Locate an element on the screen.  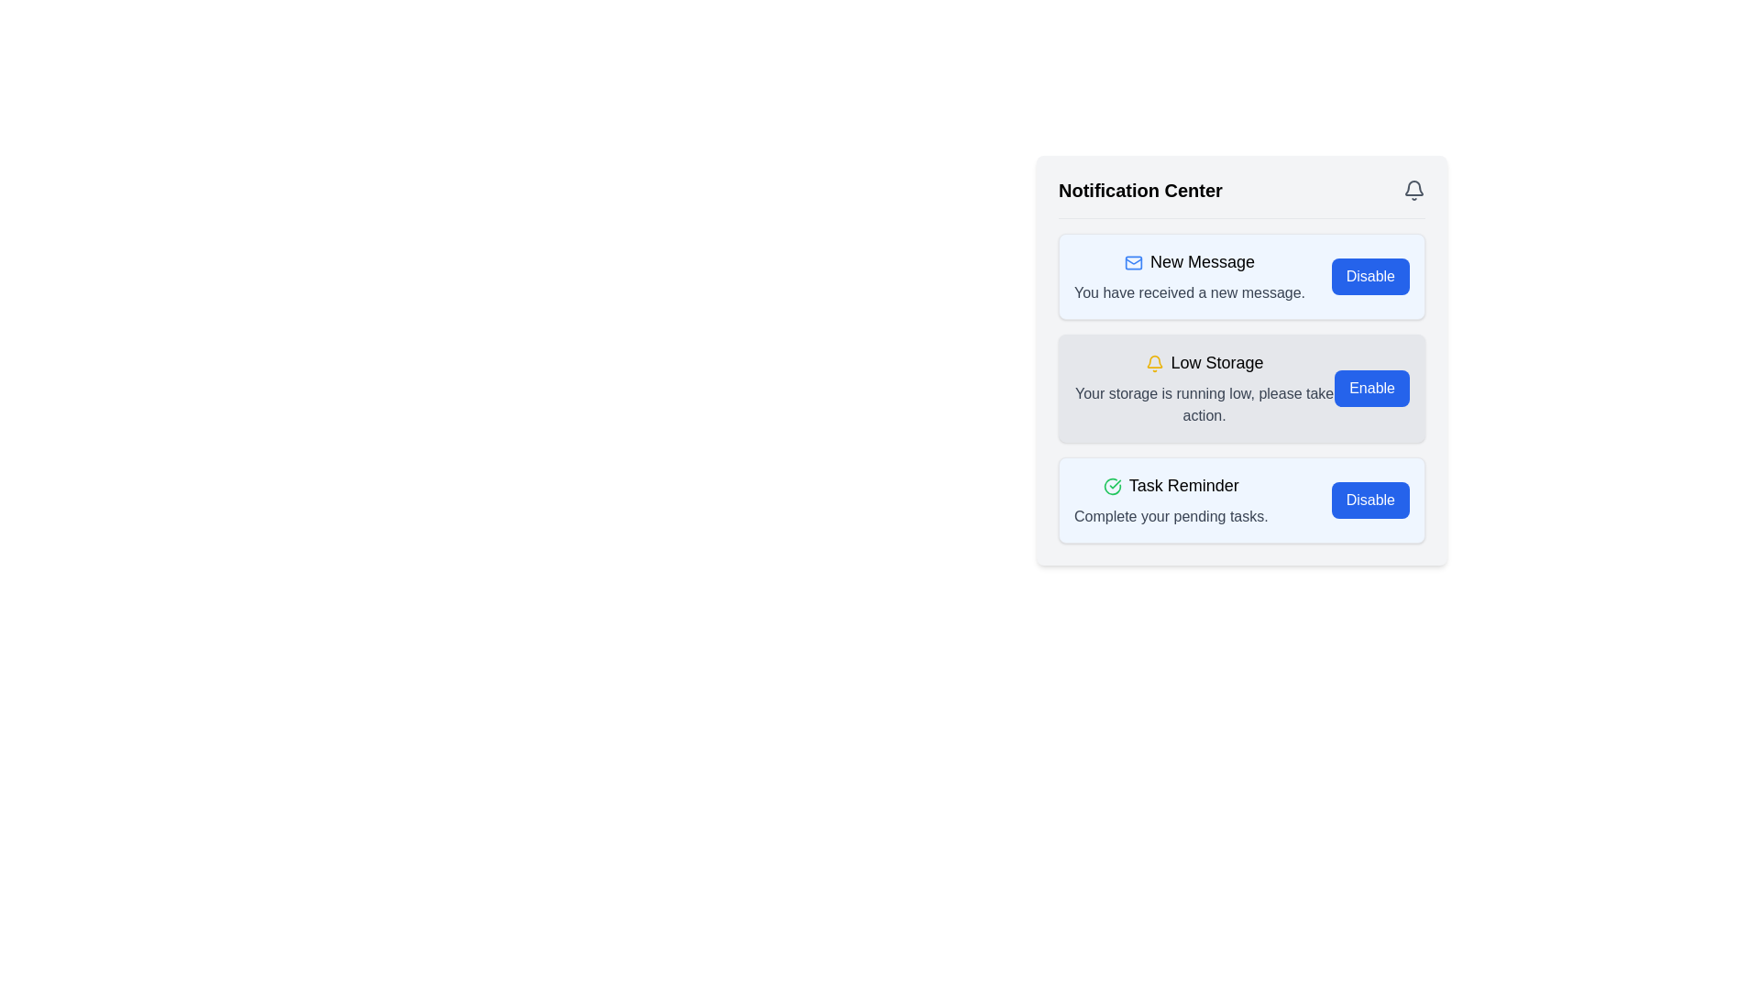
the text label that reads 'Your storage is running low, please take action.' located in the 'Low Storage' notification card, directly below the 'Low Storage' title and above the 'Enable' button is located at coordinates (1204, 404).